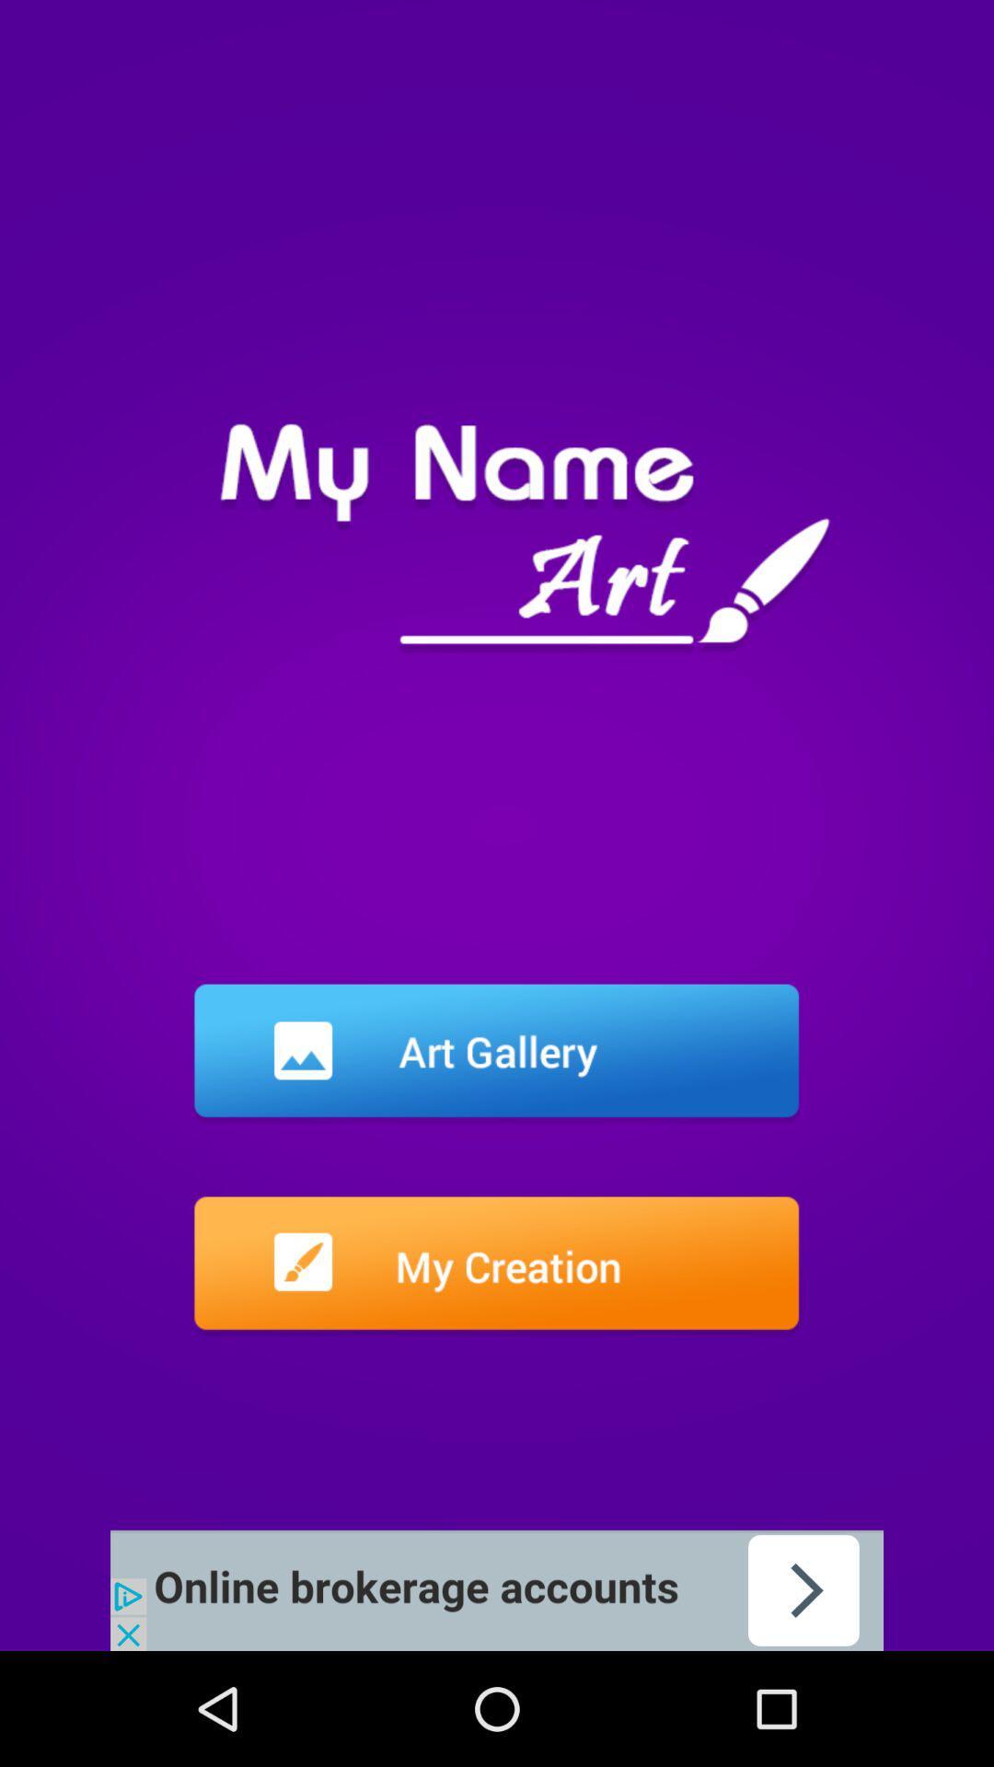 This screenshot has width=994, height=1767. Describe the element at coordinates (495, 1054) in the screenshot. I see `art gallery` at that location.